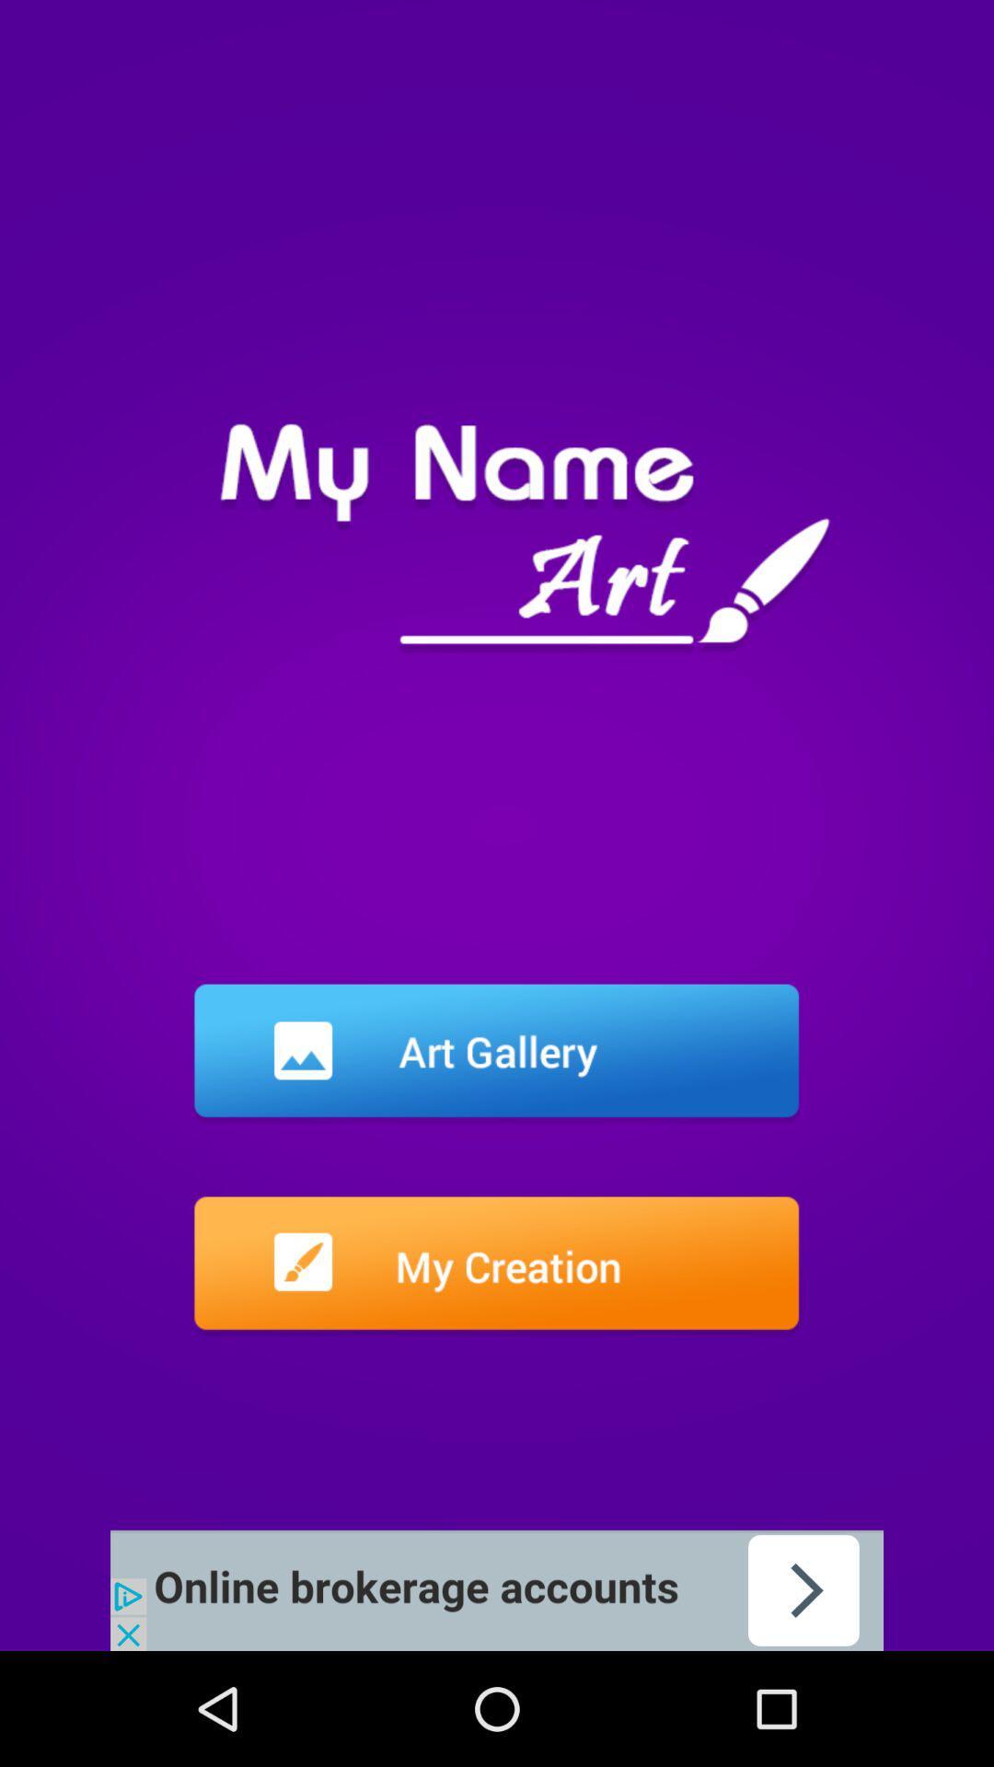 This screenshot has width=994, height=1767. Describe the element at coordinates (495, 1054) in the screenshot. I see `art gallery` at that location.